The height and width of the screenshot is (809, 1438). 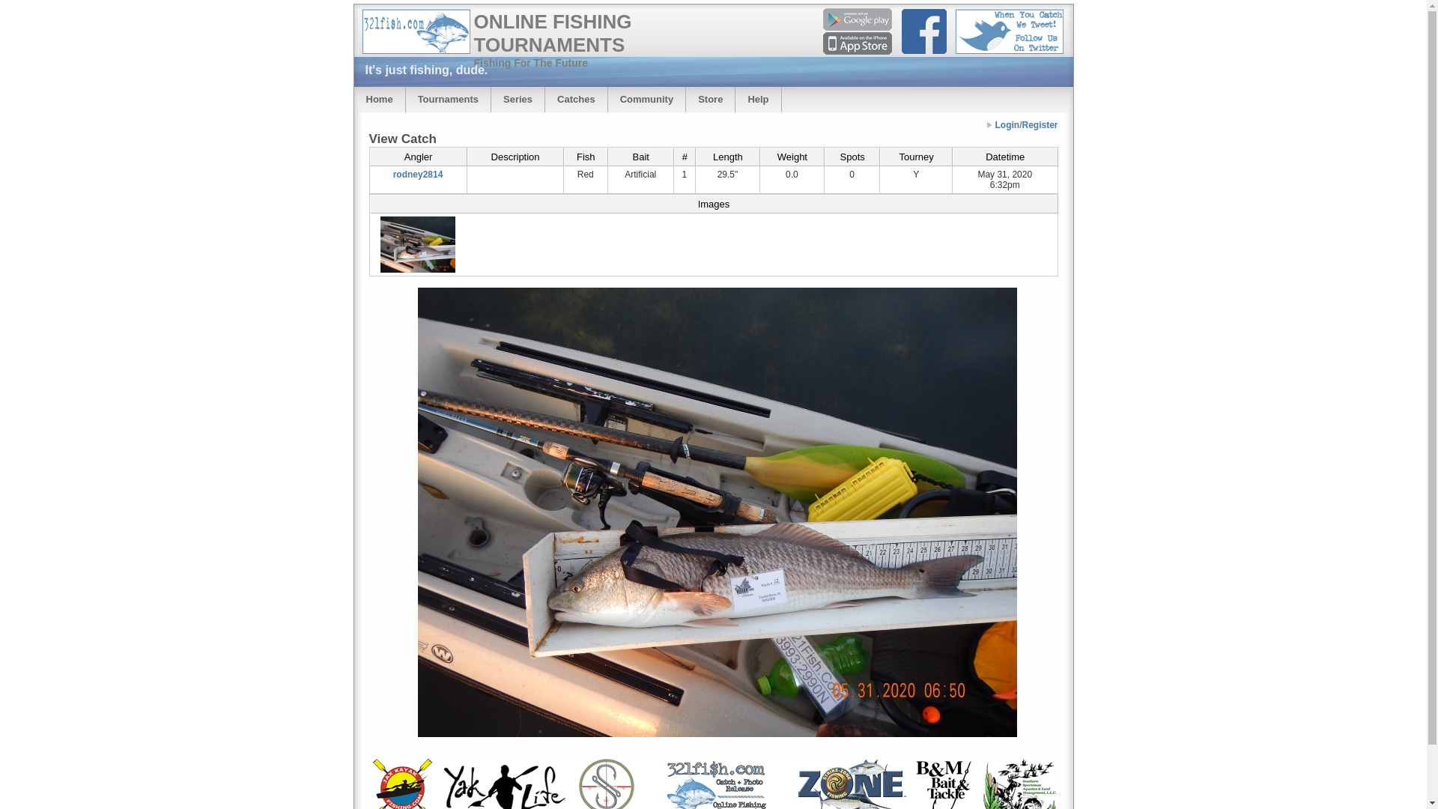 I want to click on 'Login', so click(x=995, y=124).